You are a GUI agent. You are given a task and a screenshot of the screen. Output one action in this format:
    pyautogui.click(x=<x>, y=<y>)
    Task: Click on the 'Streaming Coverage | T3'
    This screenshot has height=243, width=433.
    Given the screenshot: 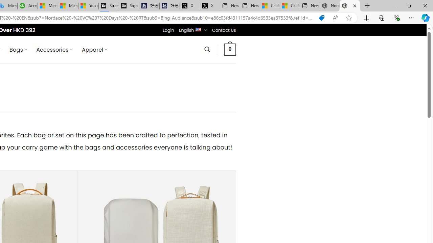 What is the action you would take?
    pyautogui.click(x=109, y=6)
    